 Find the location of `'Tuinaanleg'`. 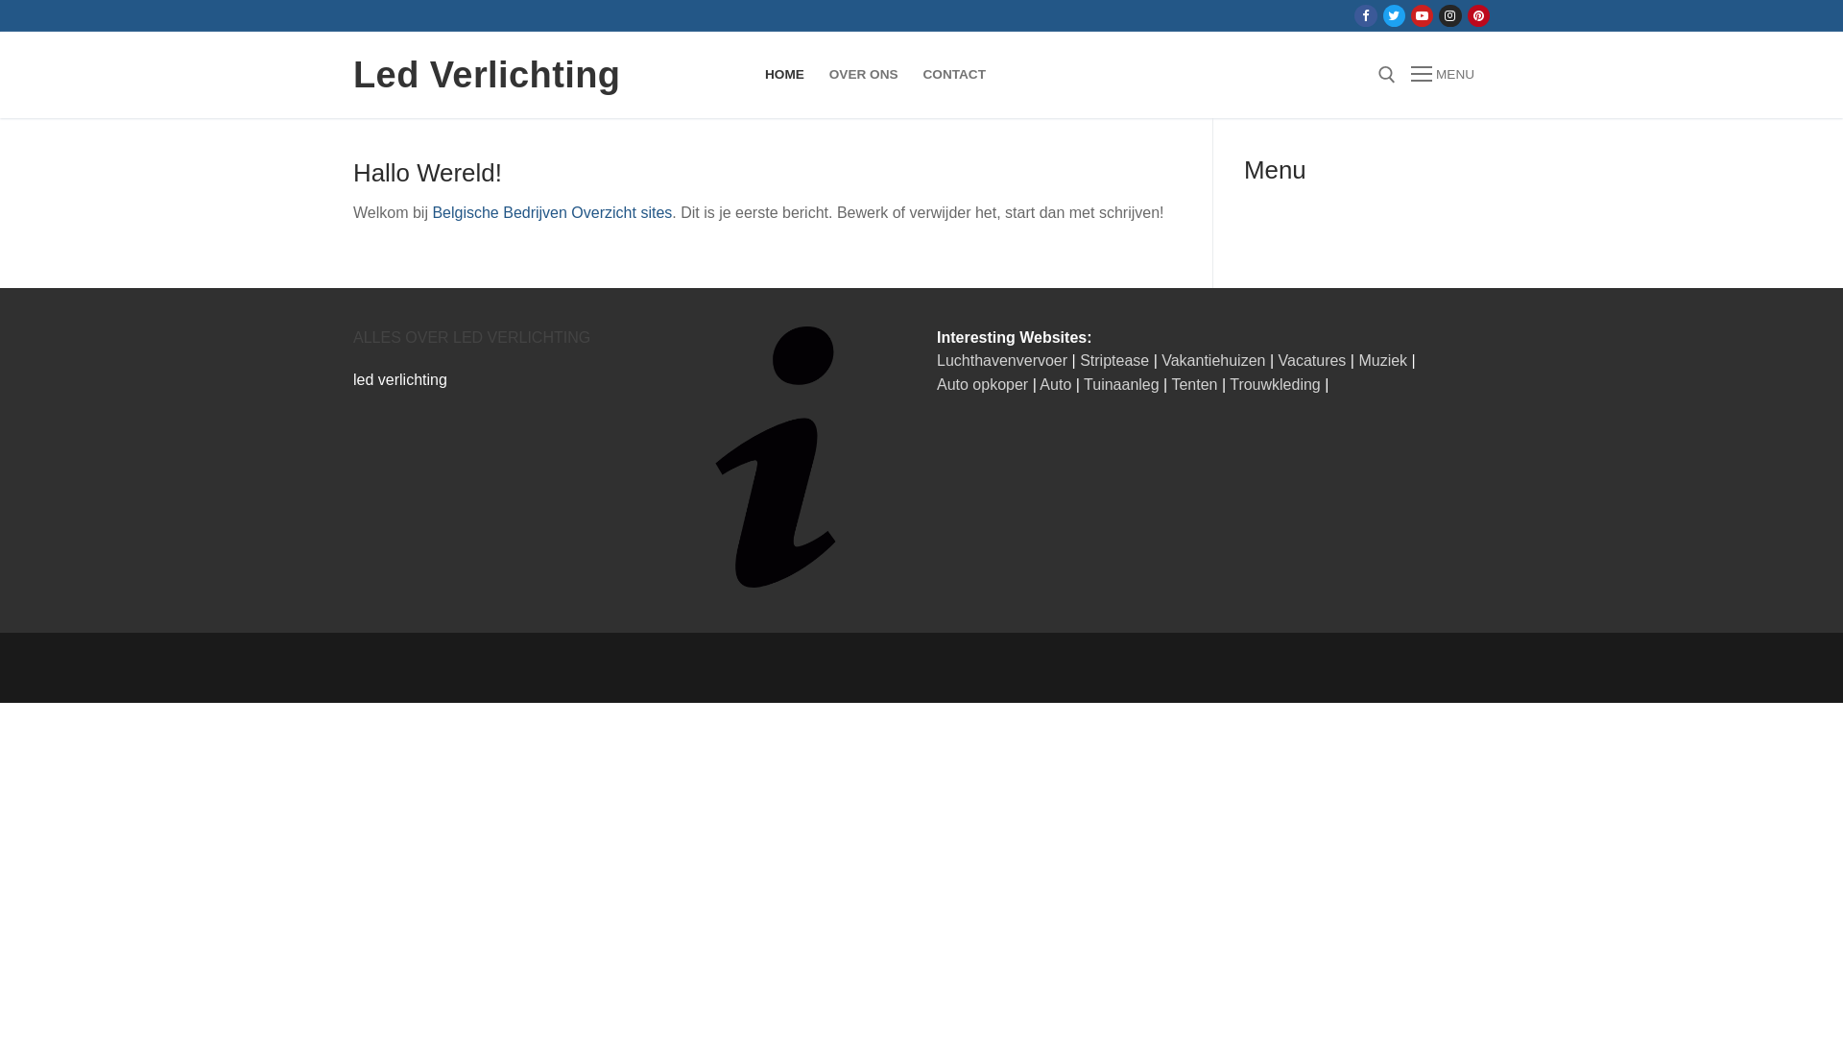

'Tuinaanleg' is located at coordinates (1121, 384).